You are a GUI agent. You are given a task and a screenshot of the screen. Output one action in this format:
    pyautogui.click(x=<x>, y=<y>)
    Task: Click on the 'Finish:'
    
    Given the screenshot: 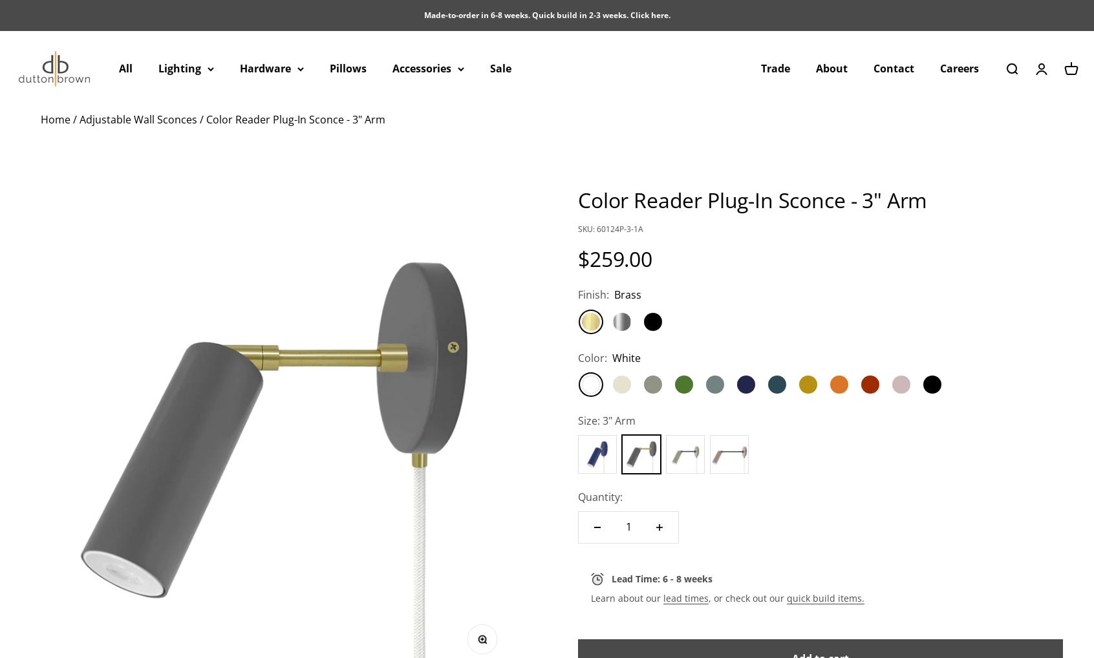 What is the action you would take?
    pyautogui.click(x=577, y=293)
    